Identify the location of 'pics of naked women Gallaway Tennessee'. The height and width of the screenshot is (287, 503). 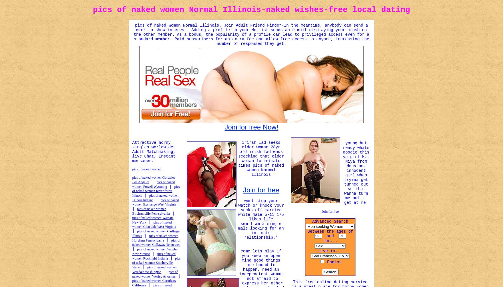
(156, 242).